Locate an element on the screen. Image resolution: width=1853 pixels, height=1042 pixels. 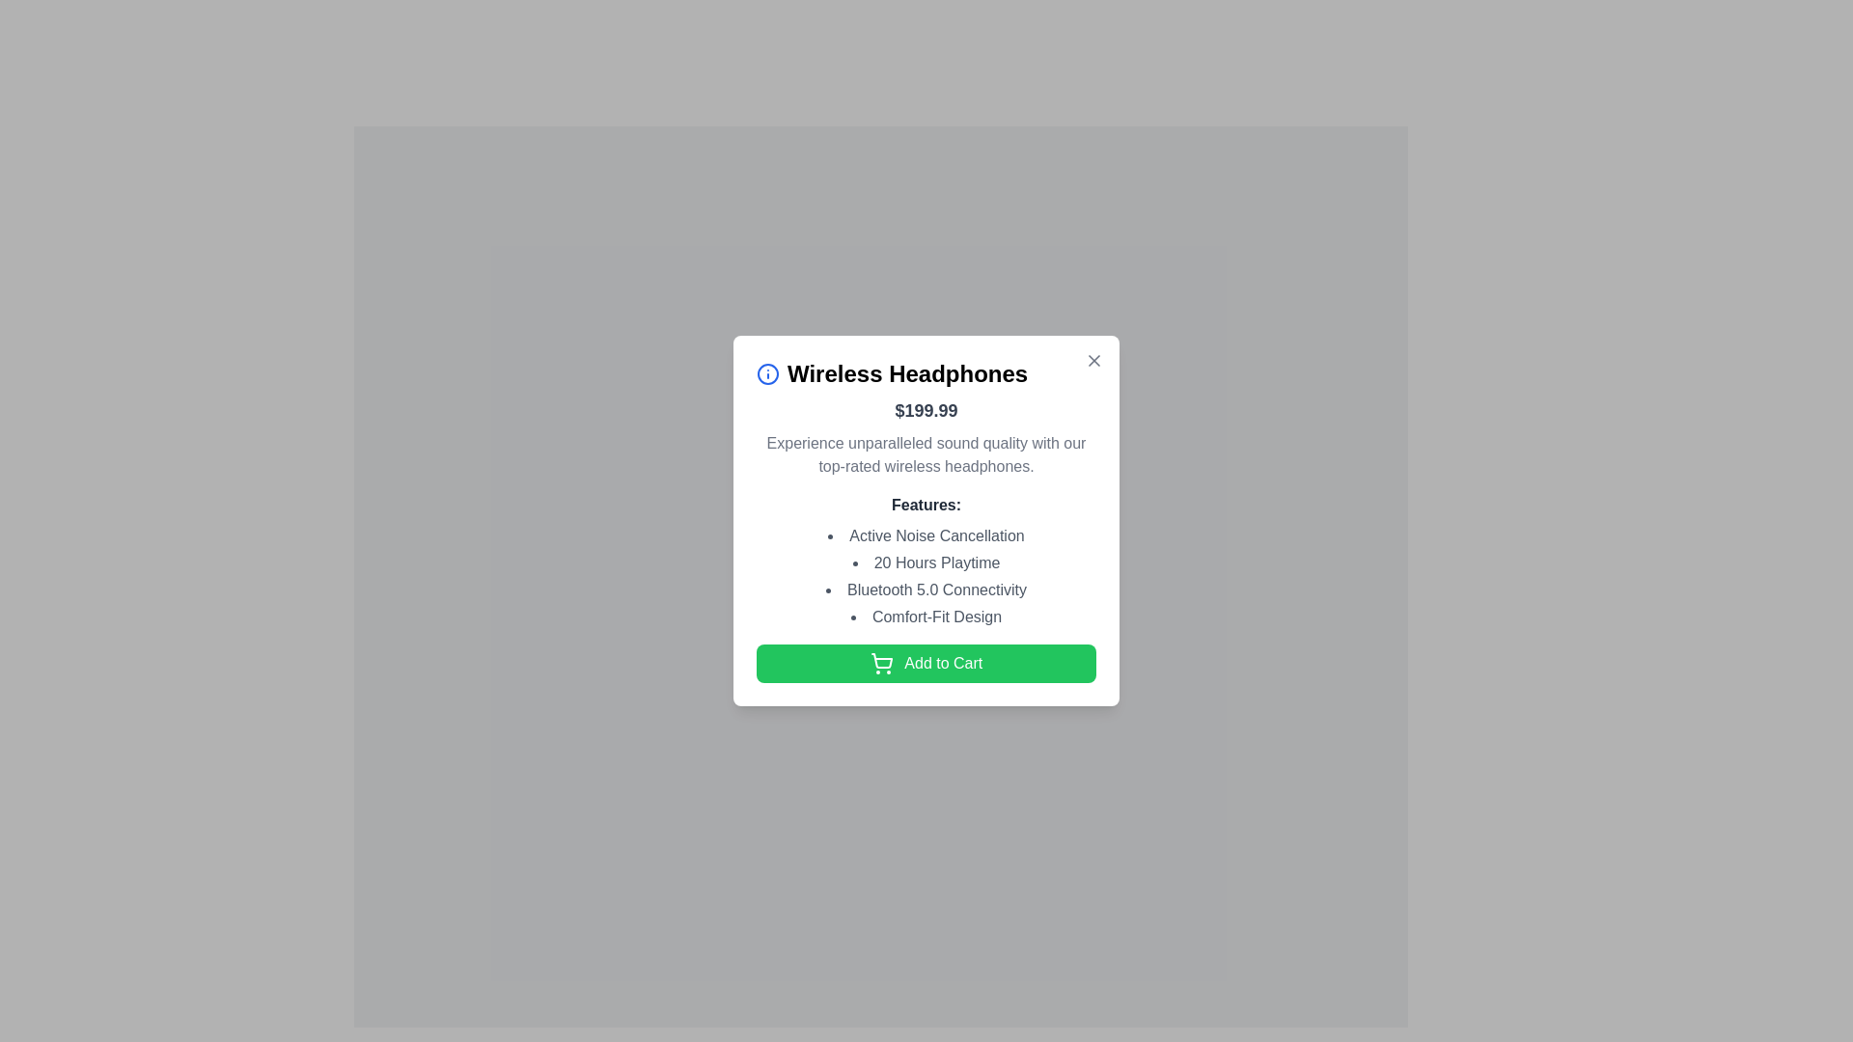
static text indicating the presence of active noise cancellation, which is the first item in the vertical bulleted list within the 'Features' section of the modal window is located at coordinates (926, 535).